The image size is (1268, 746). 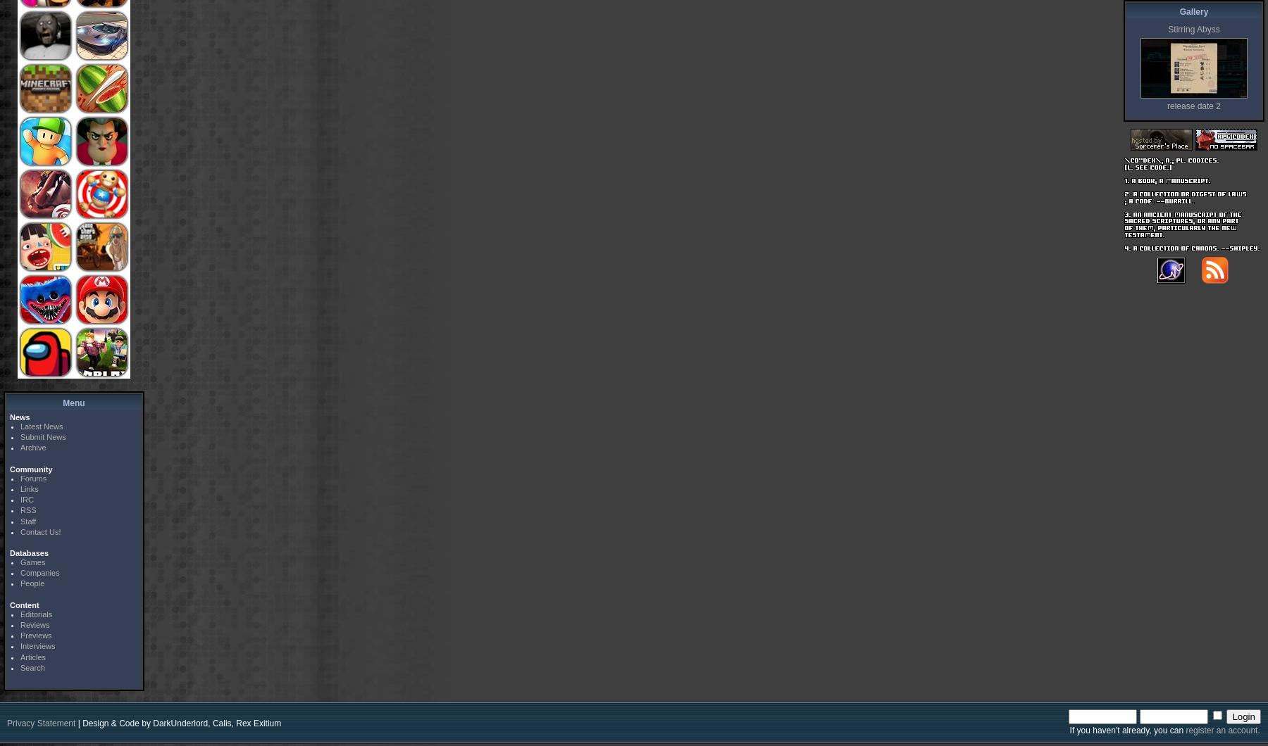 What do you see at coordinates (1193, 106) in the screenshot?
I see `'release date 2'` at bounding box center [1193, 106].